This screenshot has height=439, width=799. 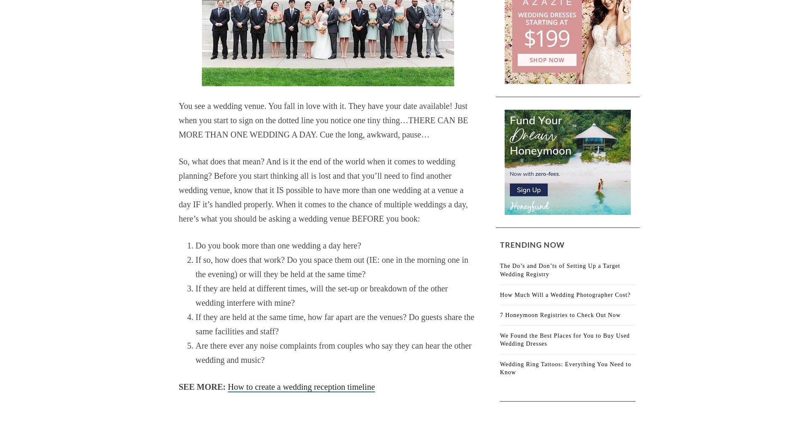 What do you see at coordinates (195, 352) in the screenshot?
I see `'Are there ever any noise complaints from couples who say they can hear the other wedding and music?'` at bounding box center [195, 352].